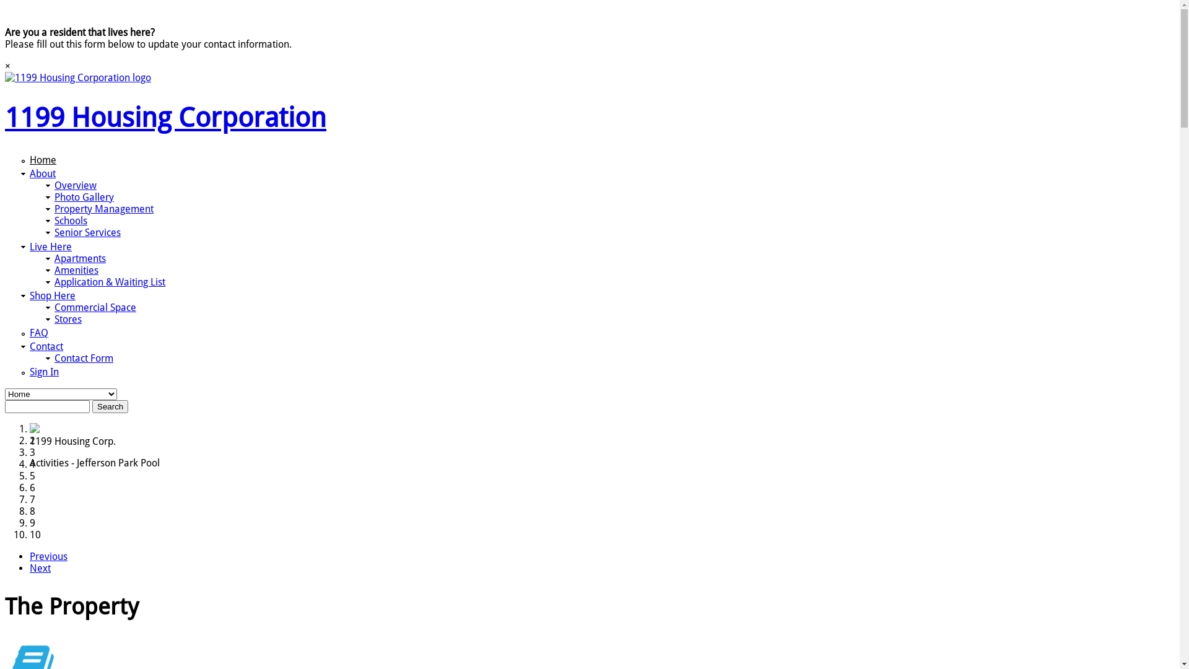 This screenshot has height=669, width=1189. I want to click on 'Shop Here', so click(30, 295).